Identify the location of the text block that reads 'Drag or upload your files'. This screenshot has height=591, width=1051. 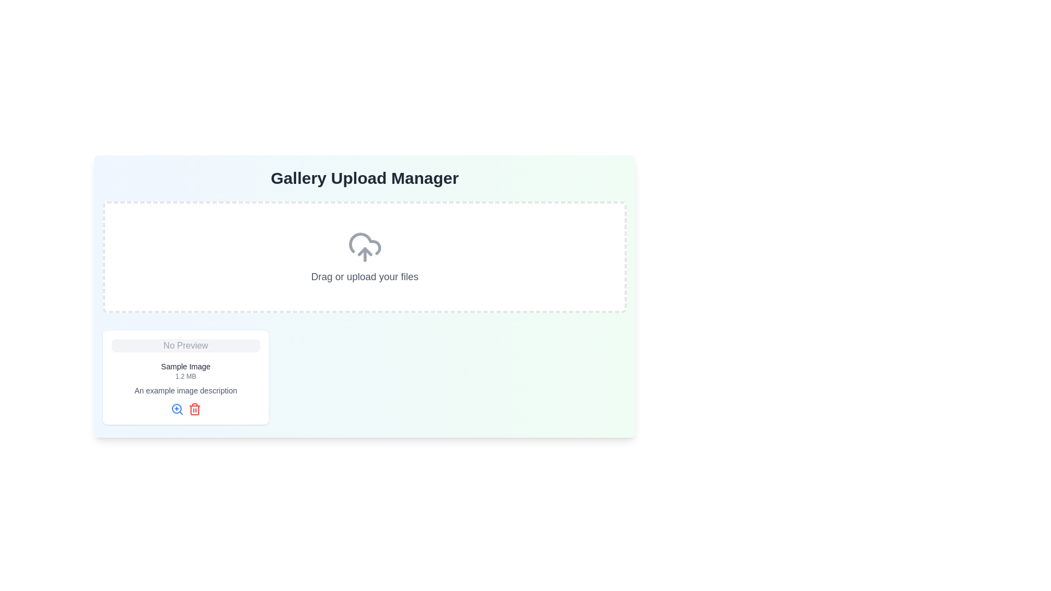
(365, 276).